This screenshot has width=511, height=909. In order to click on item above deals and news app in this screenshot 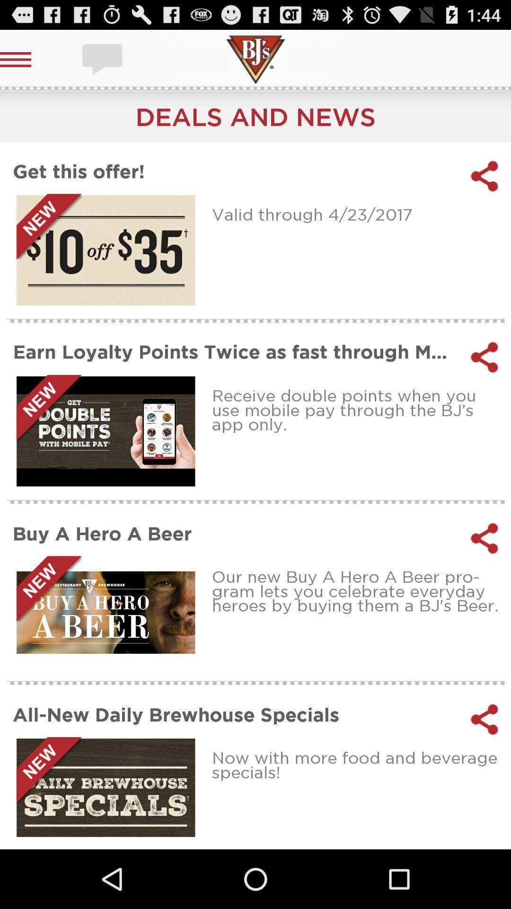, I will do `click(103, 59)`.